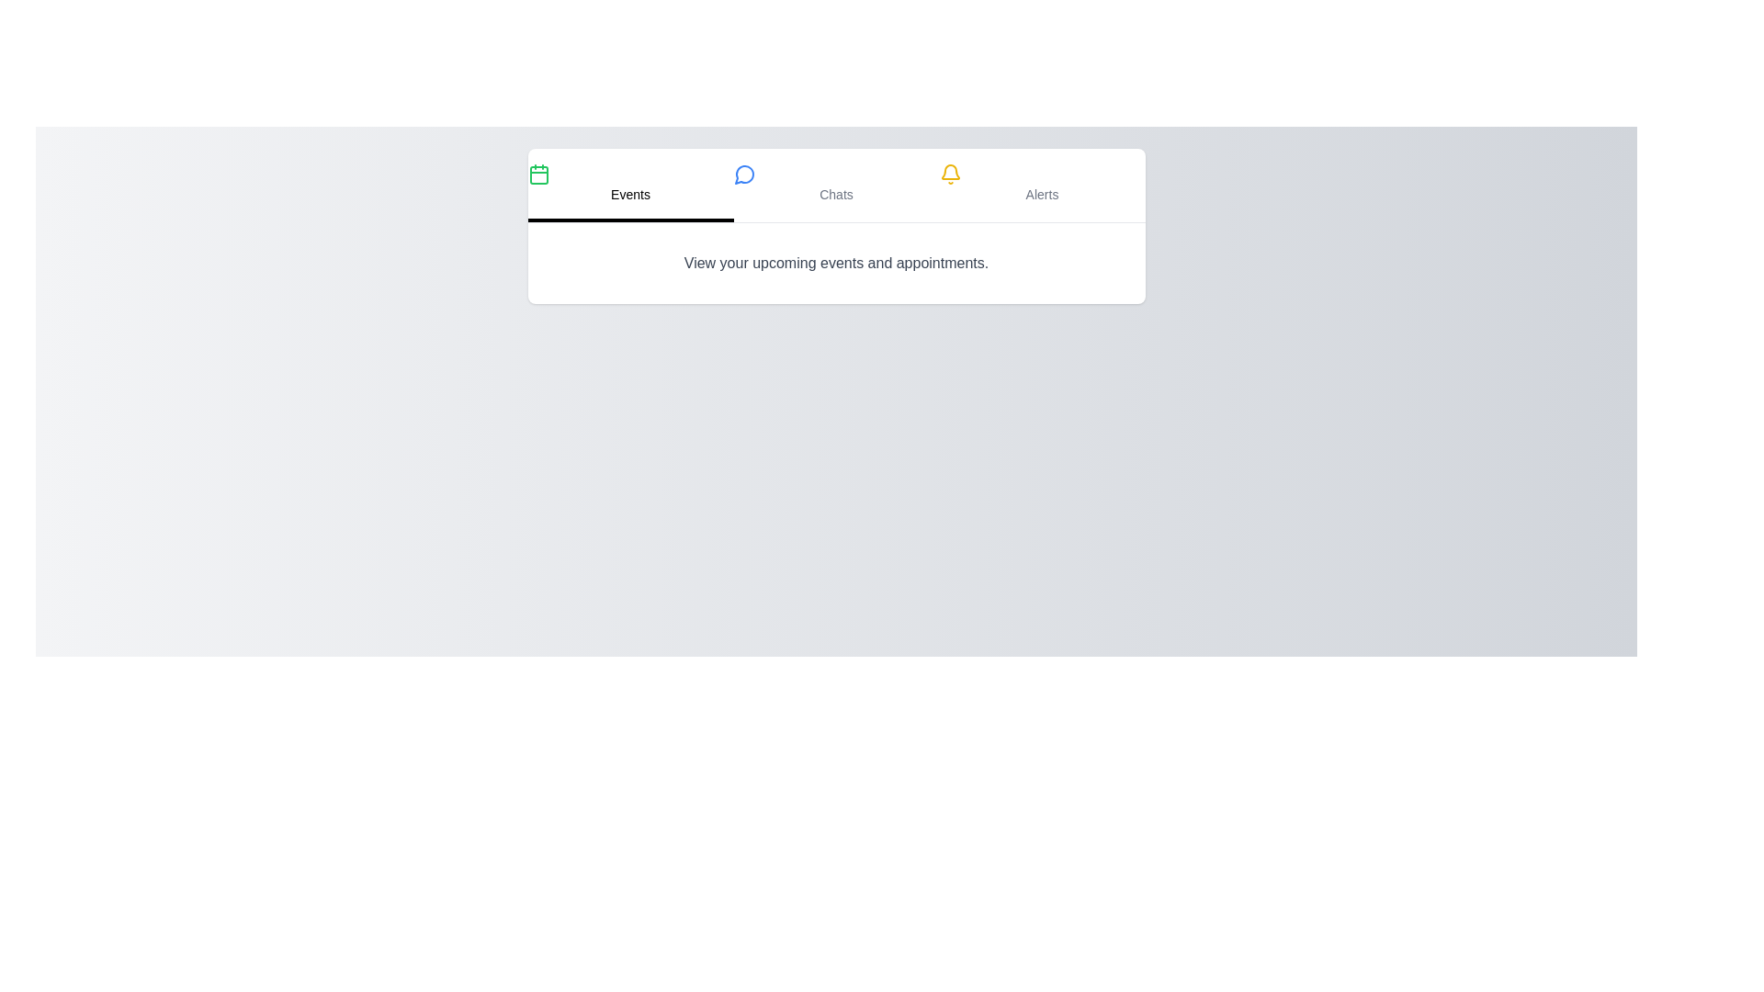  Describe the element at coordinates (630, 185) in the screenshot. I see `the Events tab` at that location.